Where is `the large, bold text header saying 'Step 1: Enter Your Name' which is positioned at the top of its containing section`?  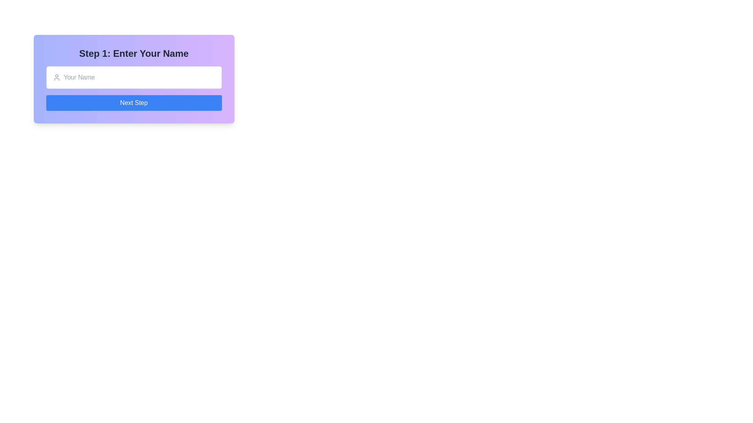 the large, bold text header saying 'Step 1: Enter Your Name' which is positioned at the top of its containing section is located at coordinates (134, 53).